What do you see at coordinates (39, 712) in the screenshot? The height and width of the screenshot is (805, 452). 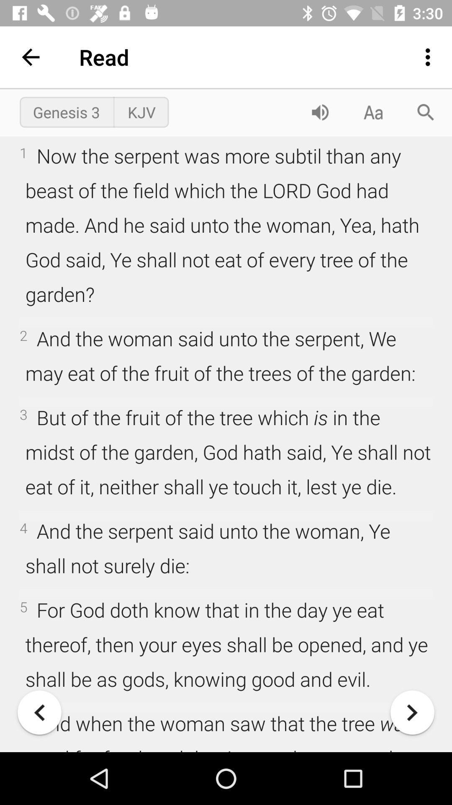 I see `item below the 4 and the item` at bounding box center [39, 712].